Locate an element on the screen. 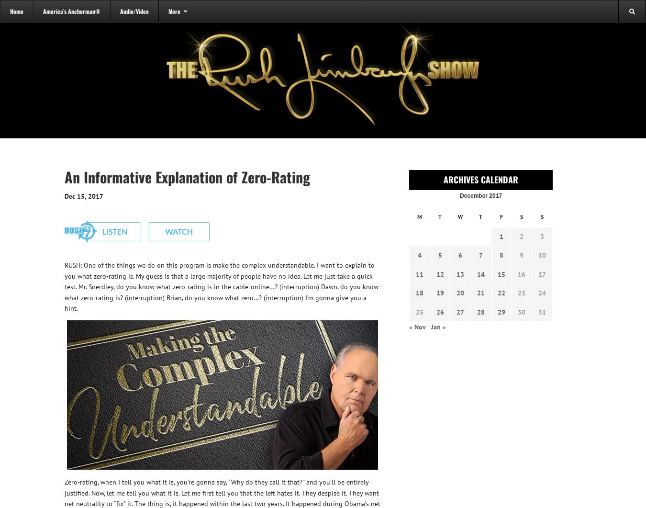  '15' is located at coordinates (501, 273).